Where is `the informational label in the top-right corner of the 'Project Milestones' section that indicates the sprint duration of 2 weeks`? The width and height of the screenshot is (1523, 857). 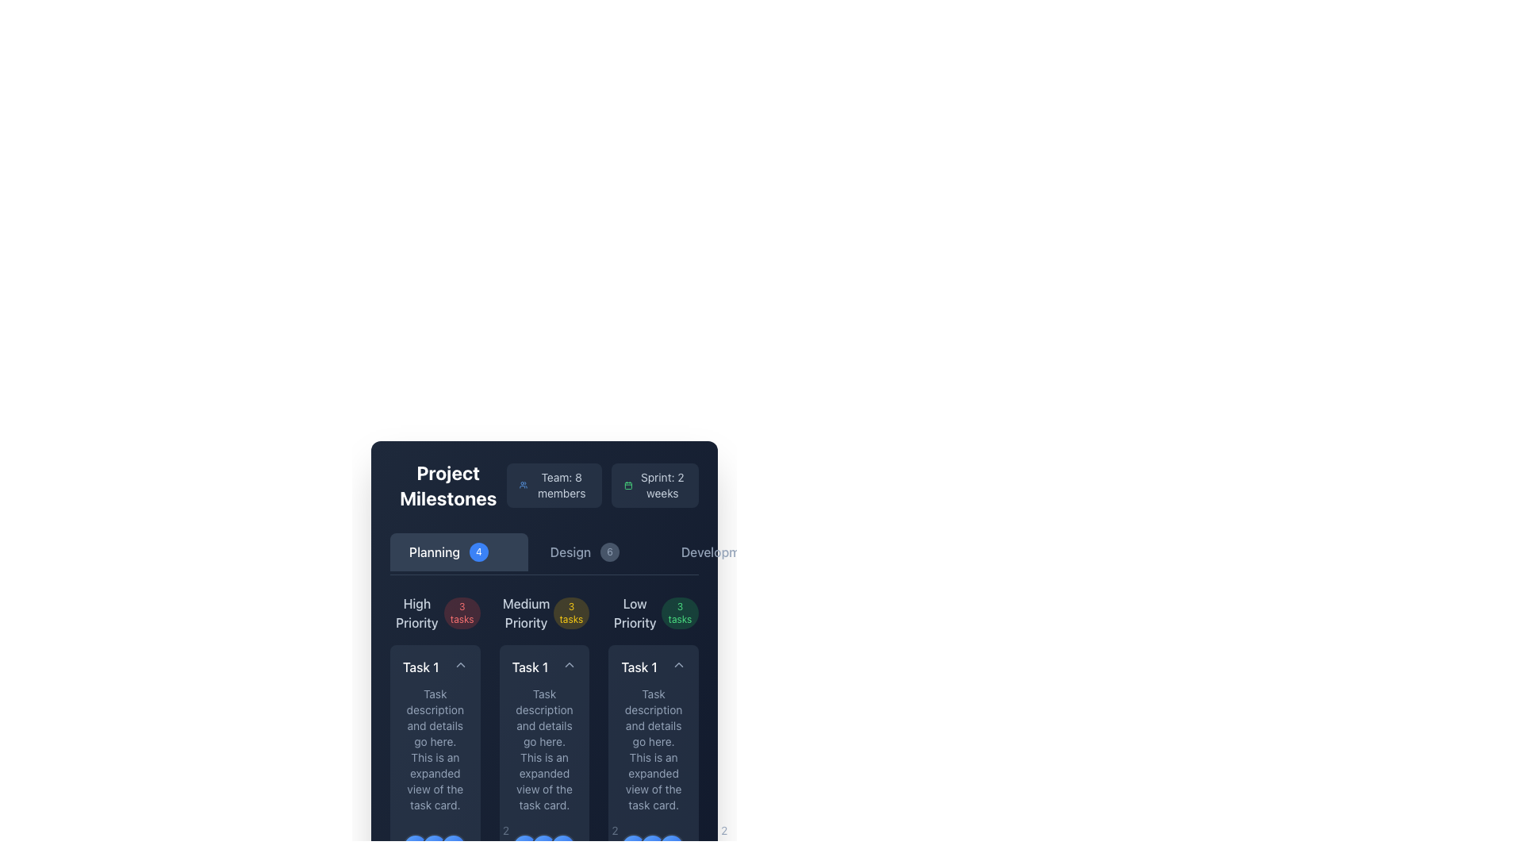 the informational label in the top-right corner of the 'Project Milestones' section that indicates the sprint duration of 2 weeks is located at coordinates (654, 485).